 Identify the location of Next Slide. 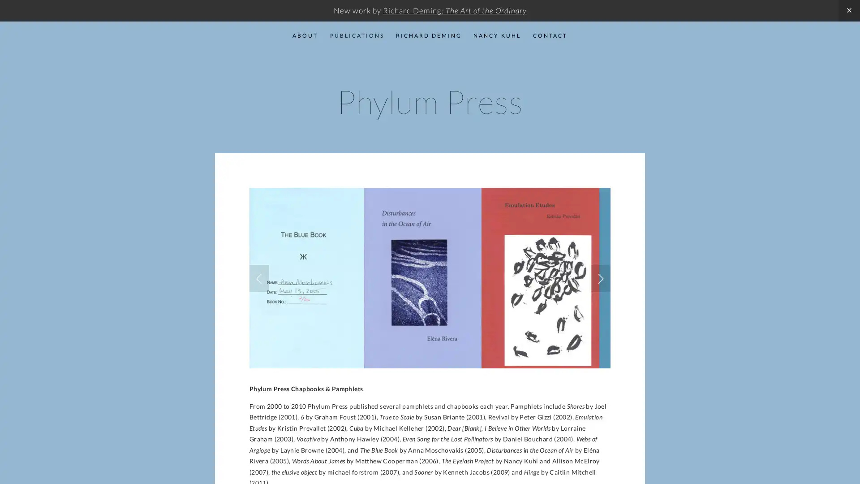
(600, 277).